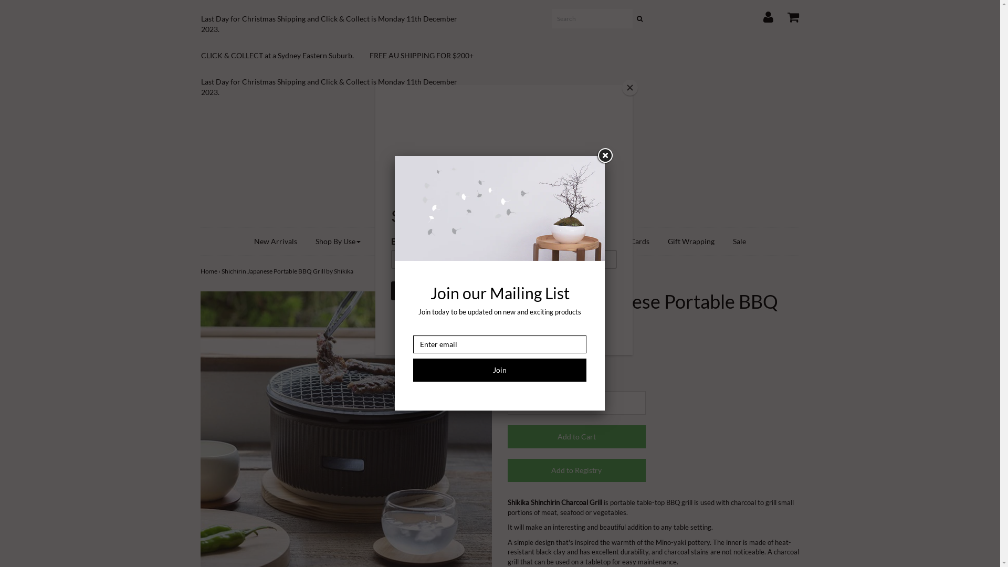  Describe the element at coordinates (285, 55) in the screenshot. I see `'CLICK & COLLECT at a Sydney Eastern Suburb.'` at that location.